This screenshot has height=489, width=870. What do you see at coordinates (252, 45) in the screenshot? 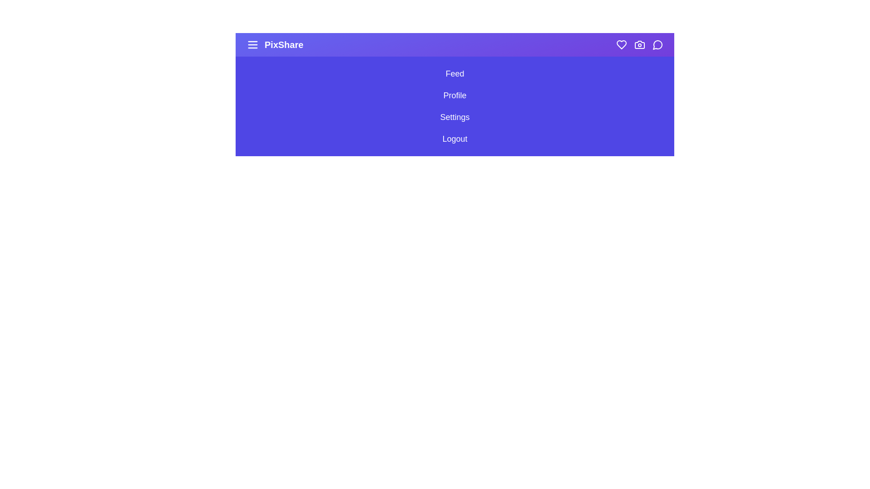
I see `the menu icon to toggle the sidebar menu` at bounding box center [252, 45].